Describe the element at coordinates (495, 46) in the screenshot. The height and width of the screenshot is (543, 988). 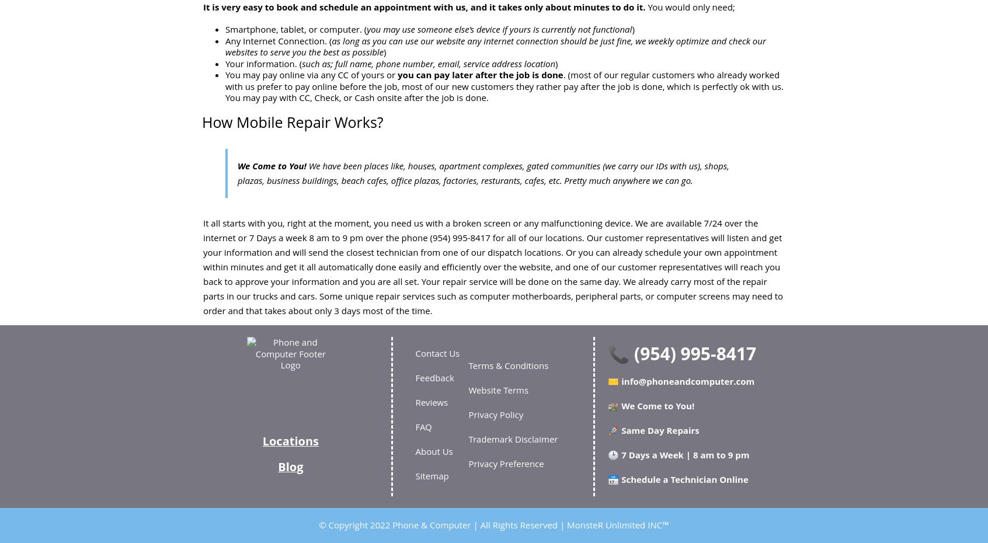
I see `'as long as you can use our website any internet connection should be just fine, we weekly optimize and check our websites to serve you the best as possible'` at that location.